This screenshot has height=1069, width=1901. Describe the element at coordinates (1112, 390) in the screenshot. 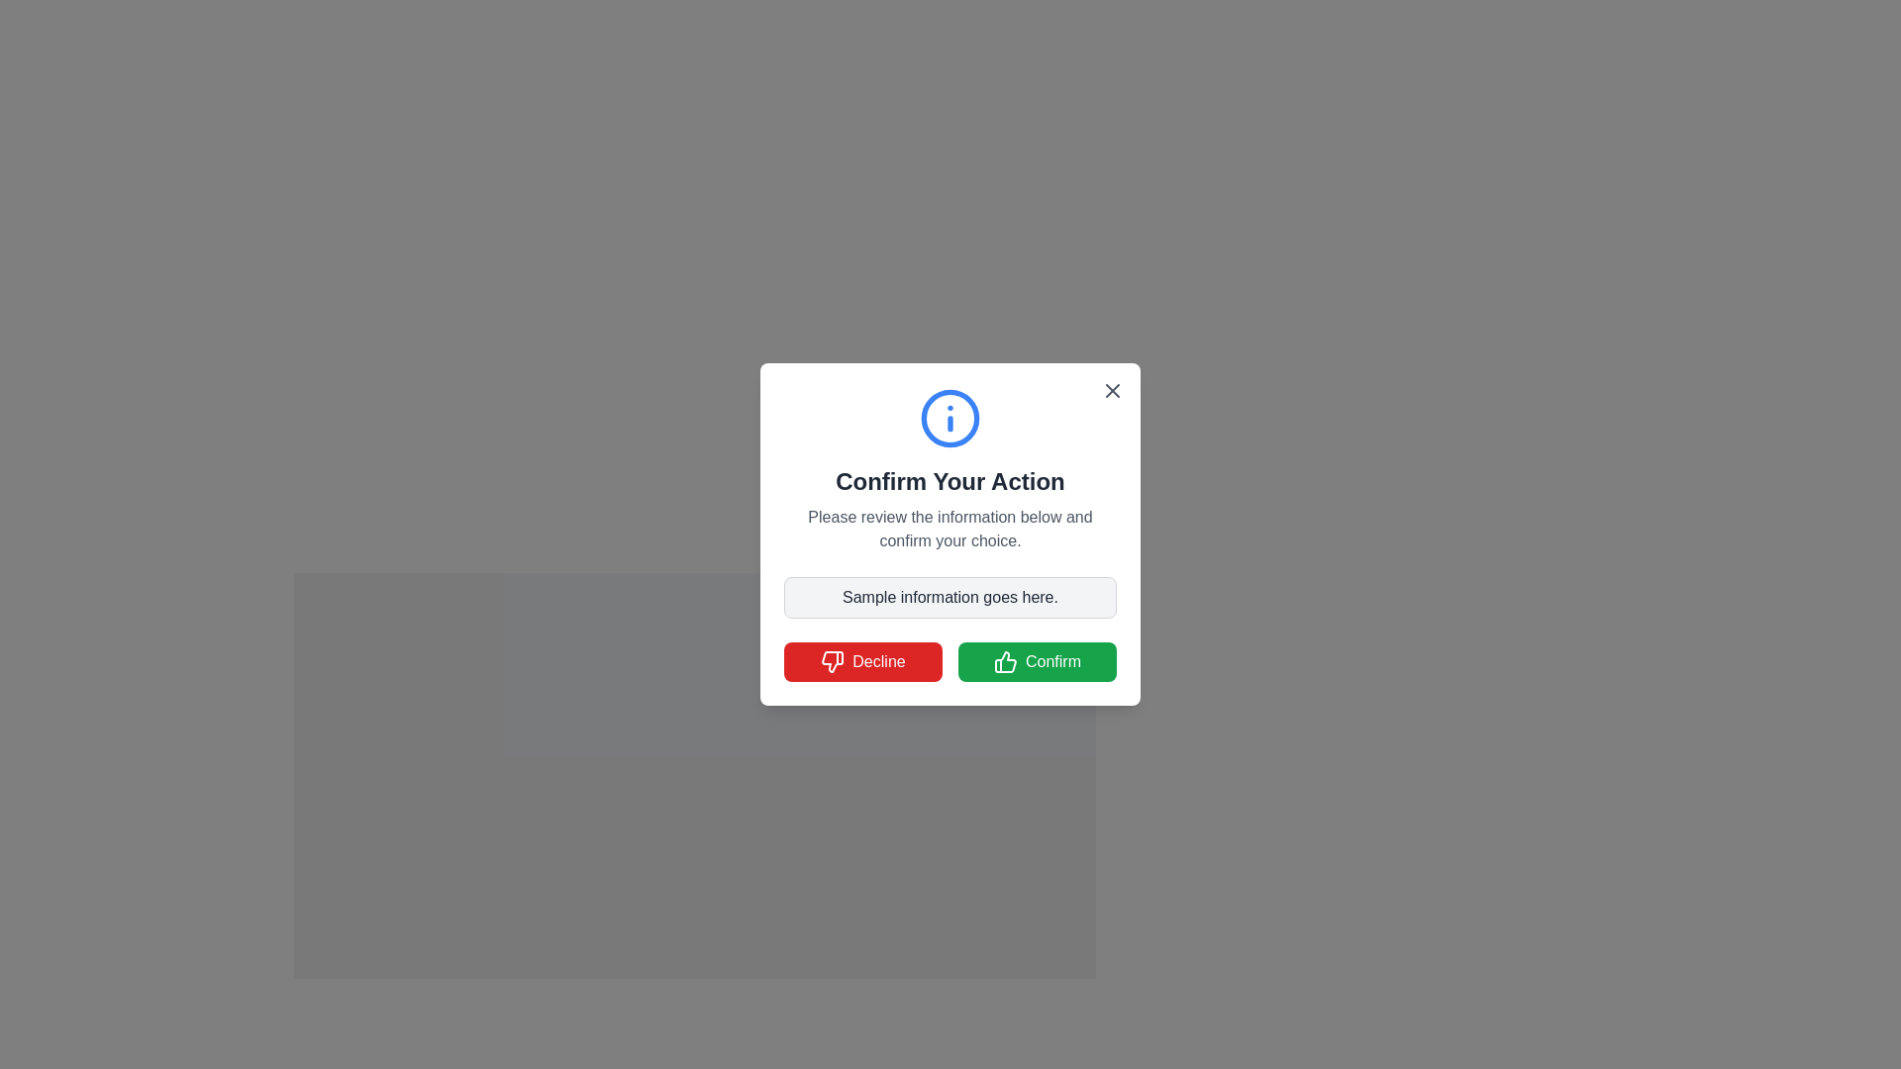

I see `the close button located at the top-right corner of the modal dialog` at that location.